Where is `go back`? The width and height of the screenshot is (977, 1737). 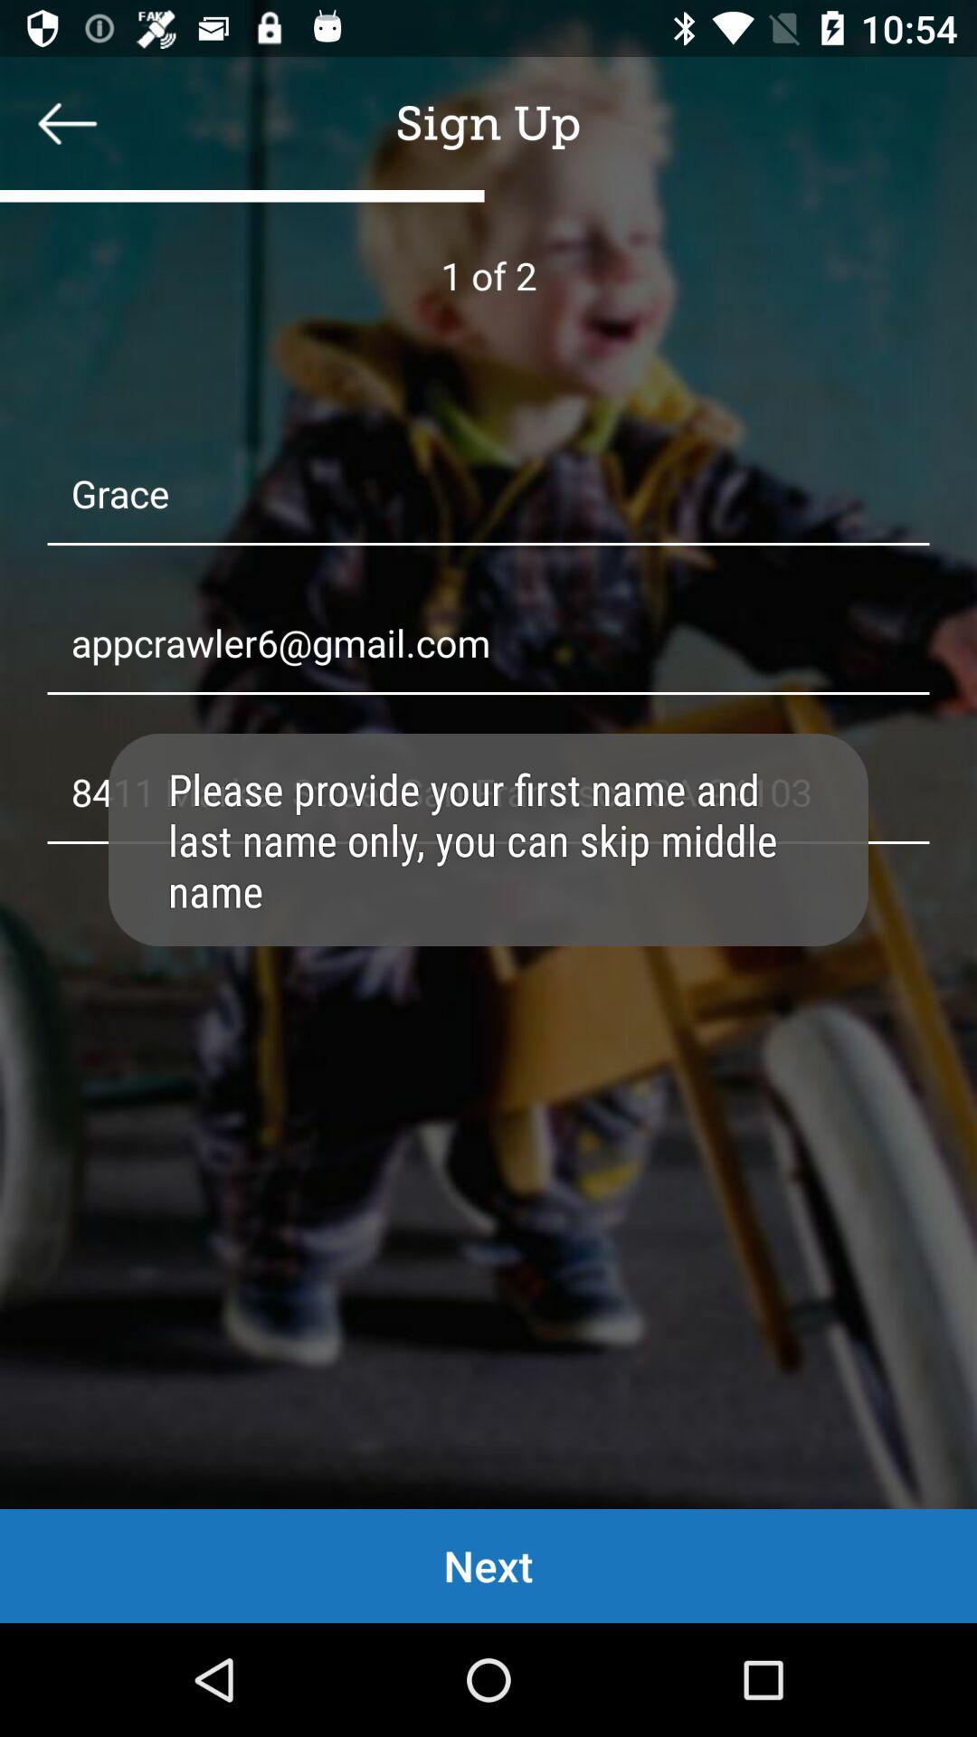 go back is located at coordinates (66, 122).